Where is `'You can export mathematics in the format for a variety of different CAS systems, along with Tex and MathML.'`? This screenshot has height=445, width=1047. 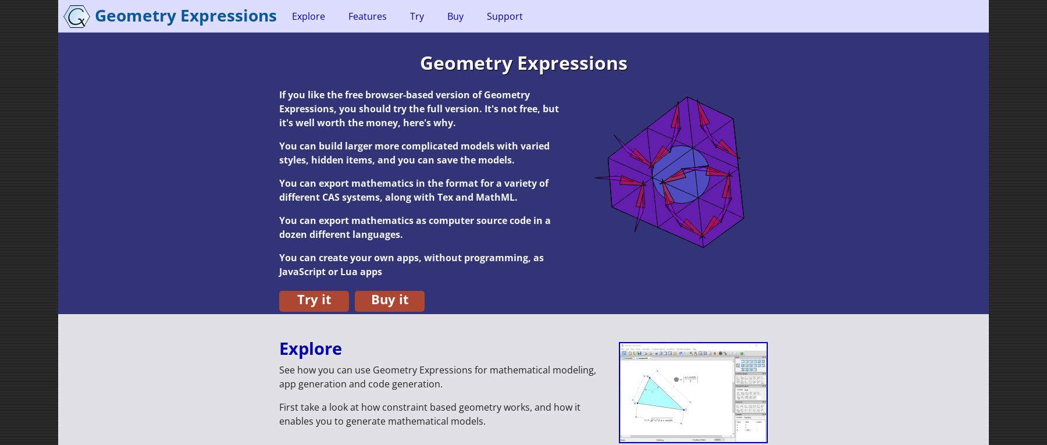 'You can export mathematics in the format for a variety of different CAS systems, along with Tex and MathML.' is located at coordinates (279, 190).